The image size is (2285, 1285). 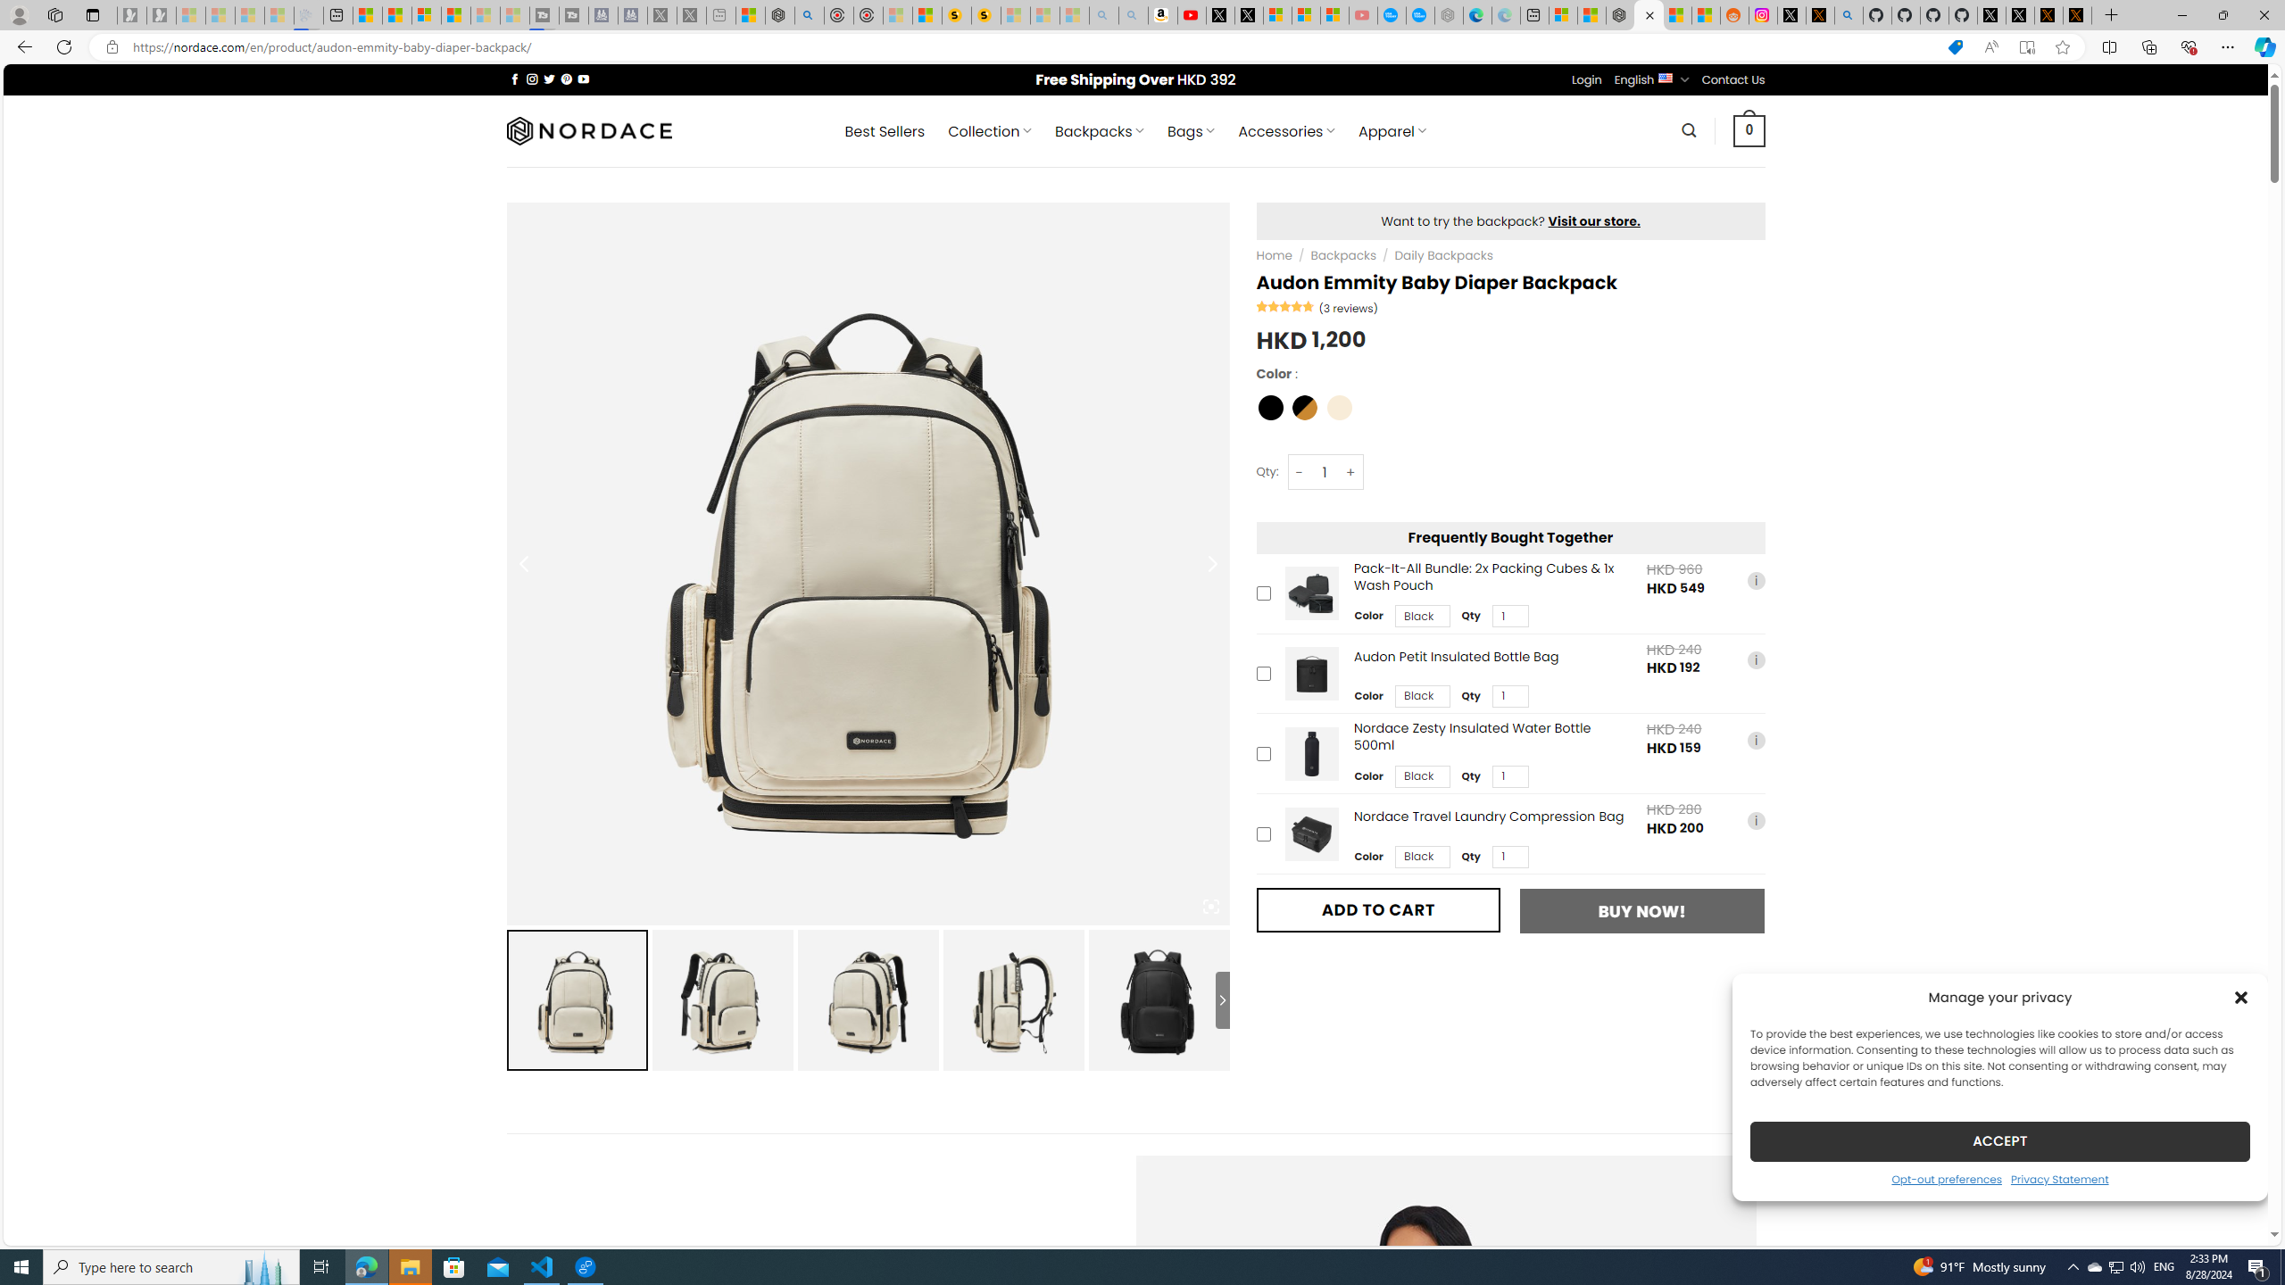 I want to click on 'English', so click(x=1666, y=78).